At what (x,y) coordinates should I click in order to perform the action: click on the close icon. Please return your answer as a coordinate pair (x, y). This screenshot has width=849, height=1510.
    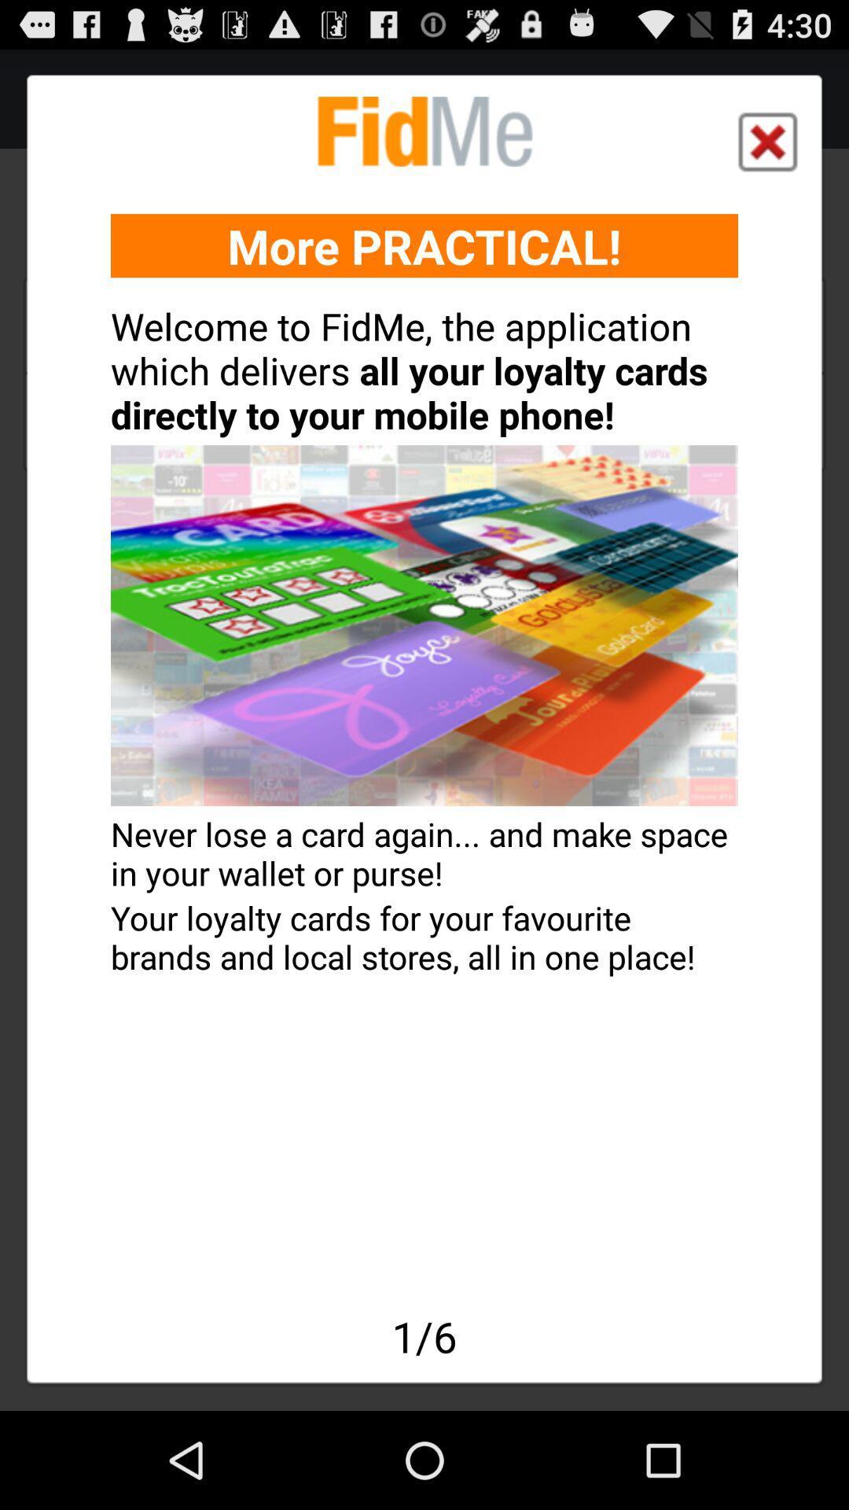
    Looking at the image, I should click on (766, 152).